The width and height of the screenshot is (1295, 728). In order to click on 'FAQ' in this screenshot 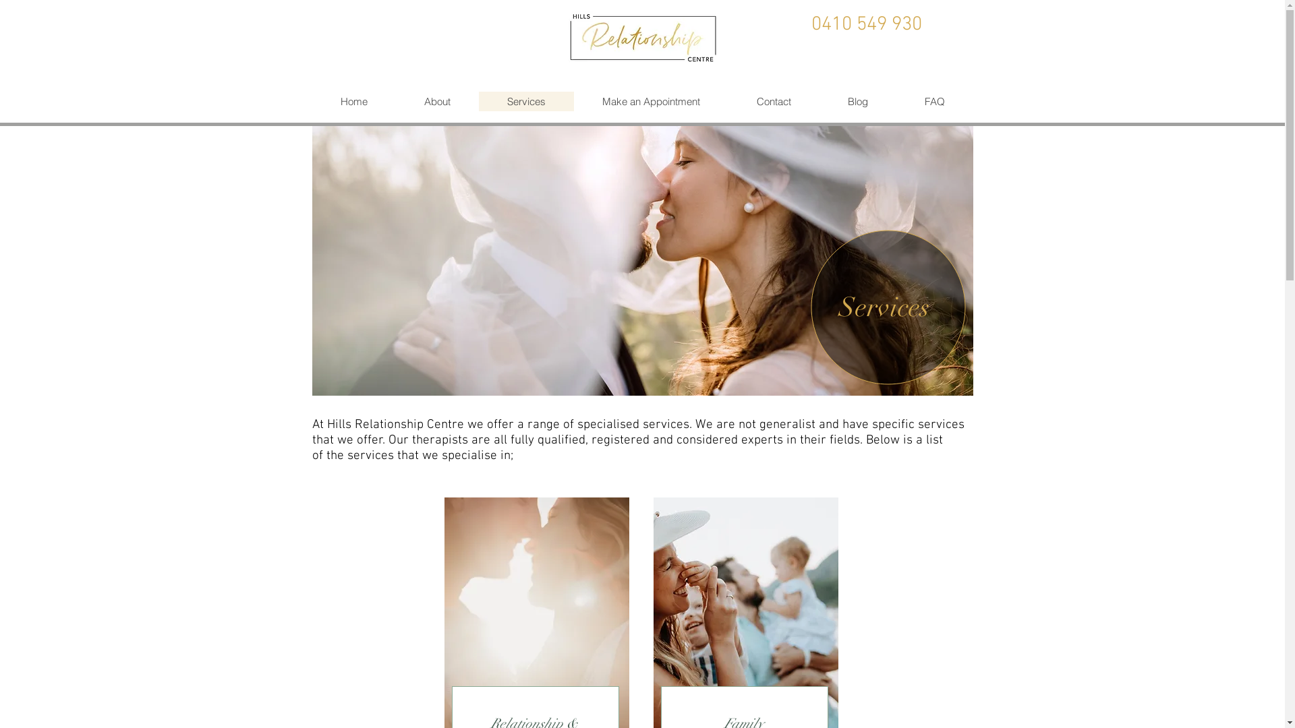, I will do `click(896, 100)`.